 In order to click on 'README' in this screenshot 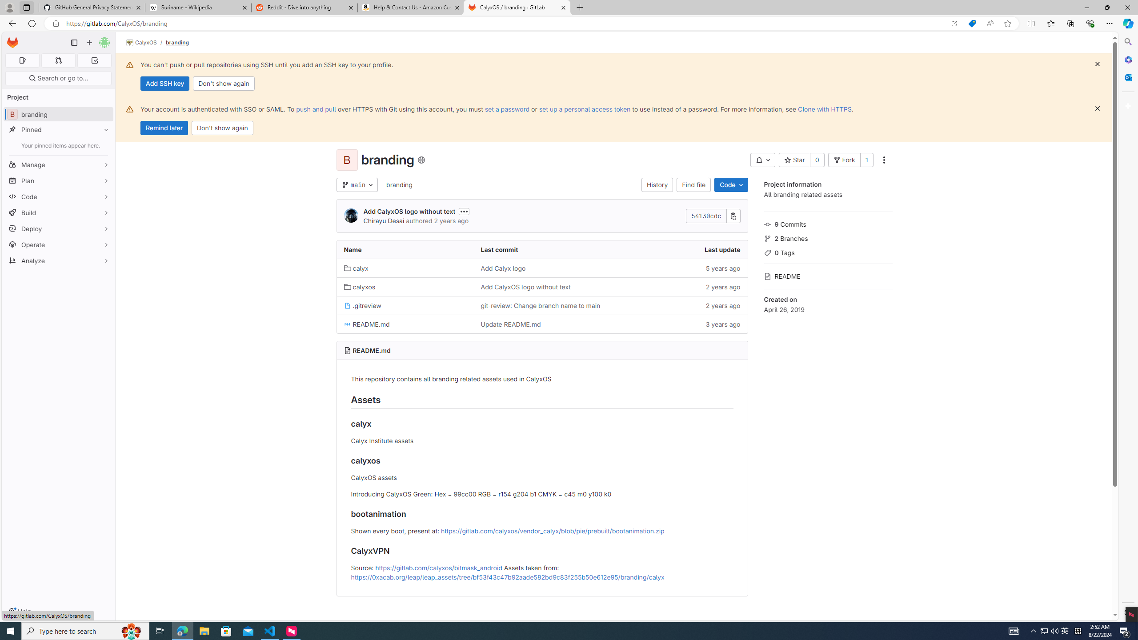, I will do `click(828, 275)`.